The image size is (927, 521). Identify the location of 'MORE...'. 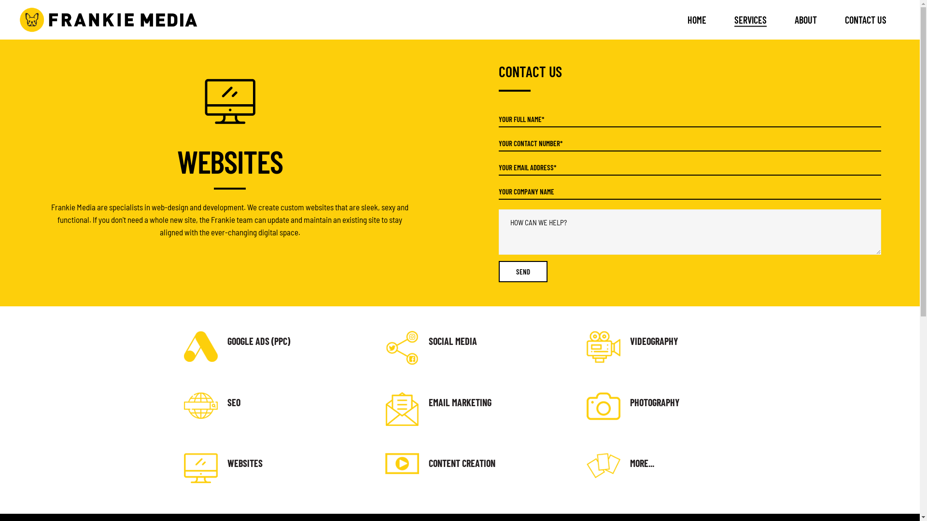
(642, 463).